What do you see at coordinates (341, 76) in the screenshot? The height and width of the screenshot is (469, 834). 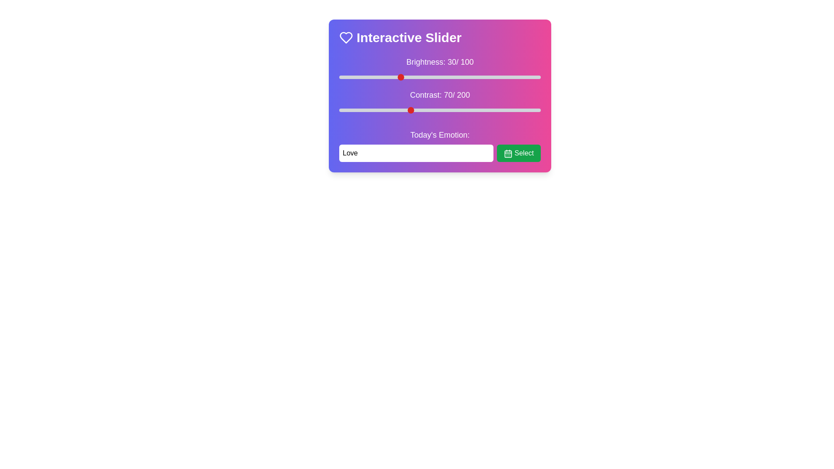 I see `the brightness slider to 1%` at bounding box center [341, 76].